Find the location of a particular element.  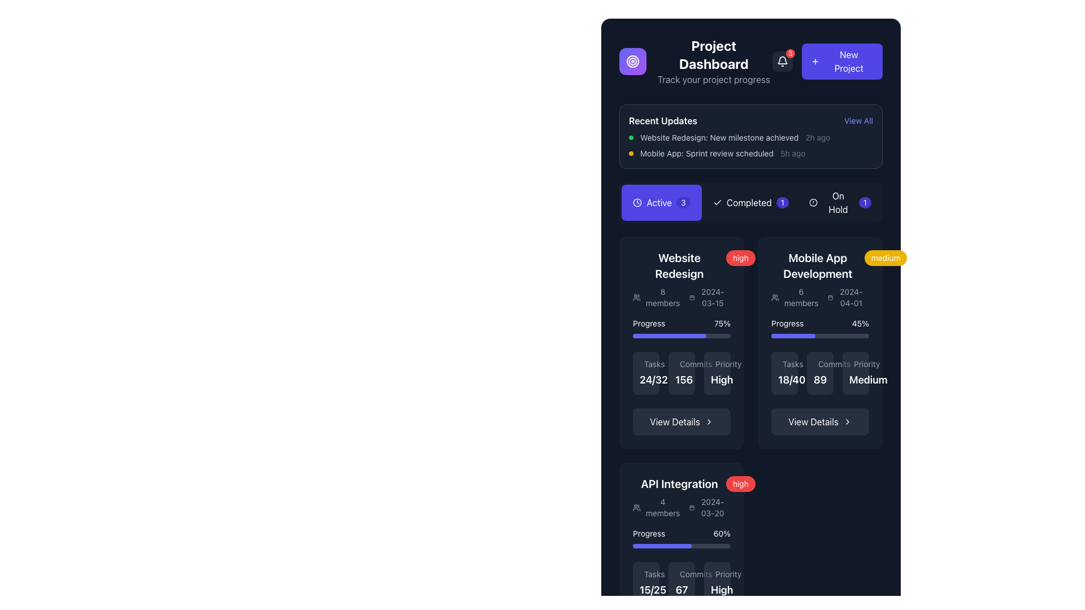

the bold text label reading 'Recent Updates' located at the top-left corner of the section and preceding the 'View All' link is located at coordinates (663, 120).